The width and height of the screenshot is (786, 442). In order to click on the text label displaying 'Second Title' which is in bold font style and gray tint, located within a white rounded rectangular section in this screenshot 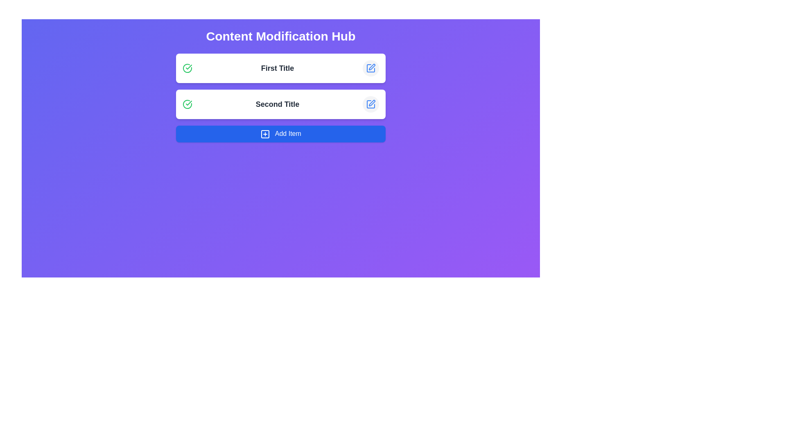, I will do `click(277, 104)`.